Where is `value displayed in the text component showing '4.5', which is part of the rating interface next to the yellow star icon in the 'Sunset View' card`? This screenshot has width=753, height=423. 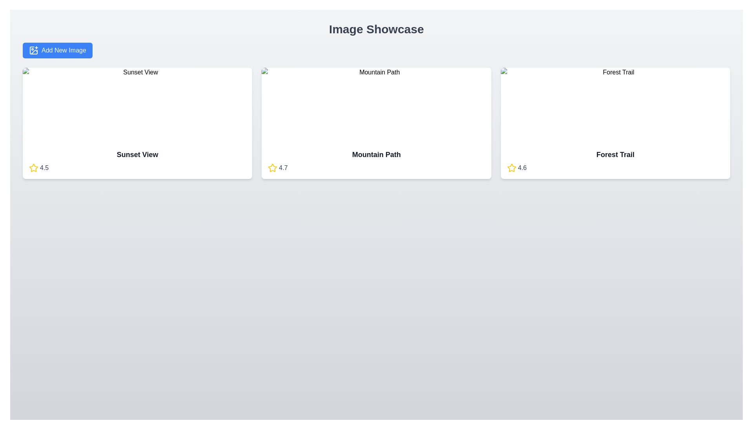
value displayed in the text component showing '4.5', which is part of the rating interface next to the yellow star icon in the 'Sunset View' card is located at coordinates (44, 167).